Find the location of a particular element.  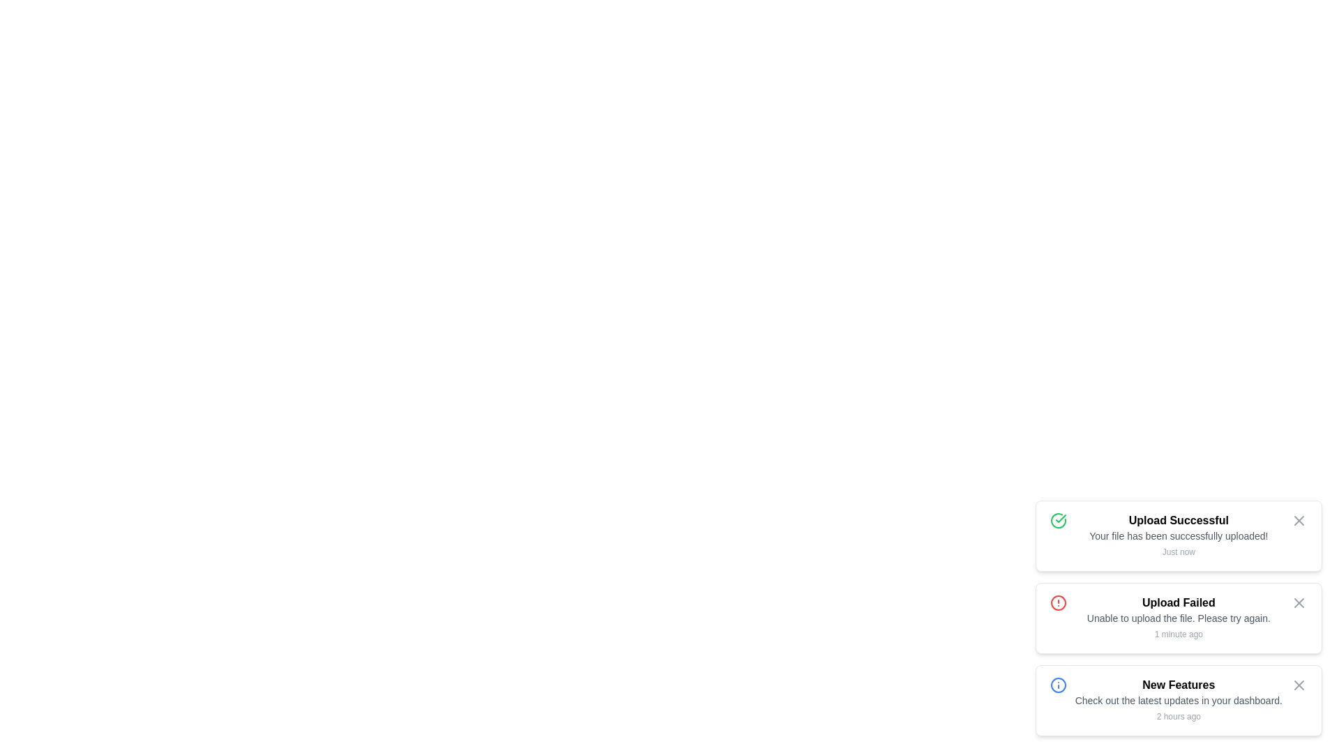

the 'X' button to dismiss the notification is located at coordinates (1298, 521).